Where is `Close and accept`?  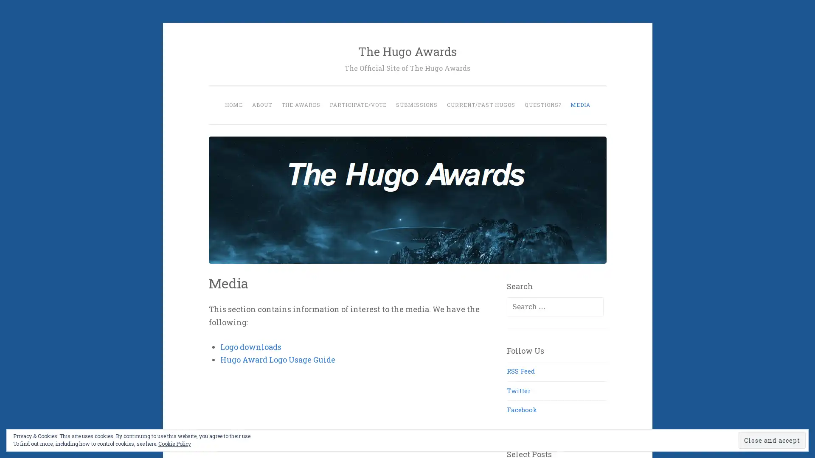 Close and accept is located at coordinates (772, 440).